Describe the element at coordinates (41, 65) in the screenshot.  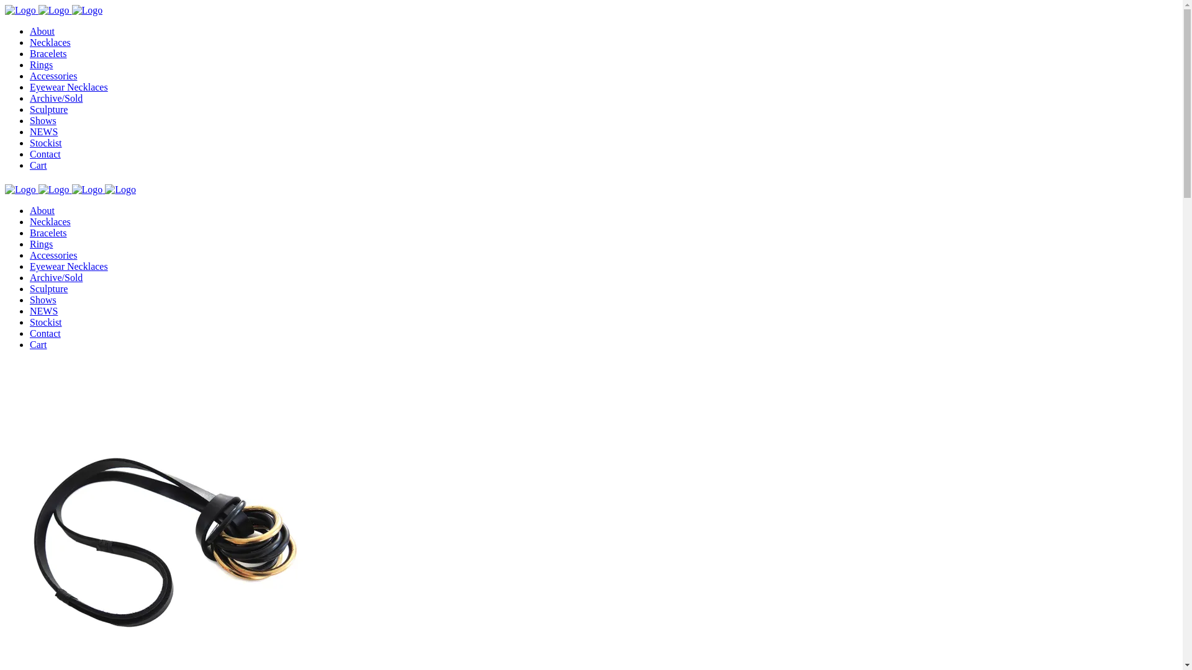
I see `'Rings'` at that location.